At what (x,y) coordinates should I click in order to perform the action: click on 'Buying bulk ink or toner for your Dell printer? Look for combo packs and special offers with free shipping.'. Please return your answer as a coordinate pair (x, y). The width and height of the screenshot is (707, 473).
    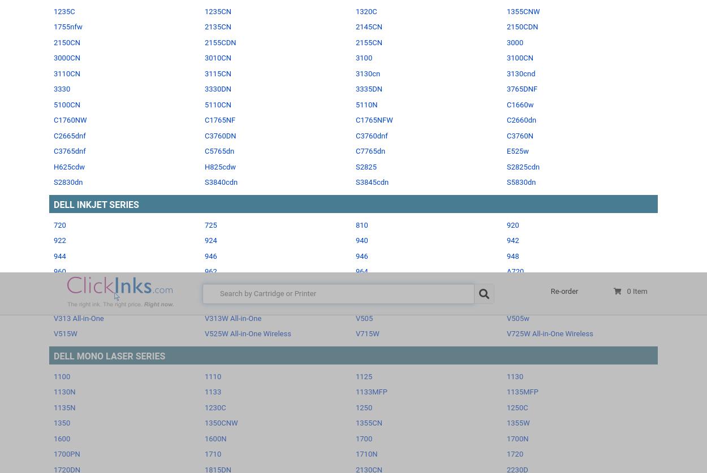
    Looking at the image, I should click on (206, 372).